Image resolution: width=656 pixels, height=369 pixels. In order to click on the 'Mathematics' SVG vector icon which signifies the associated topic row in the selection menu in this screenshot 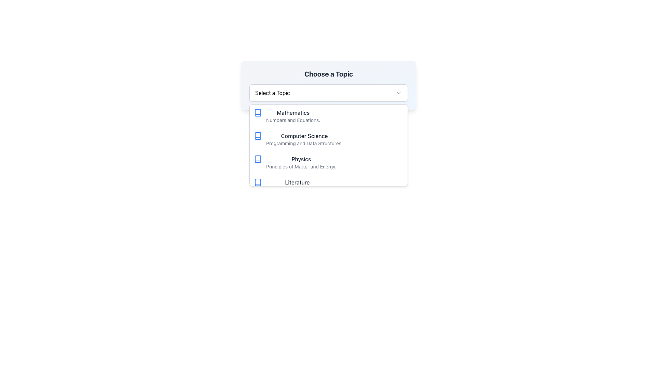, I will do `click(257, 112)`.